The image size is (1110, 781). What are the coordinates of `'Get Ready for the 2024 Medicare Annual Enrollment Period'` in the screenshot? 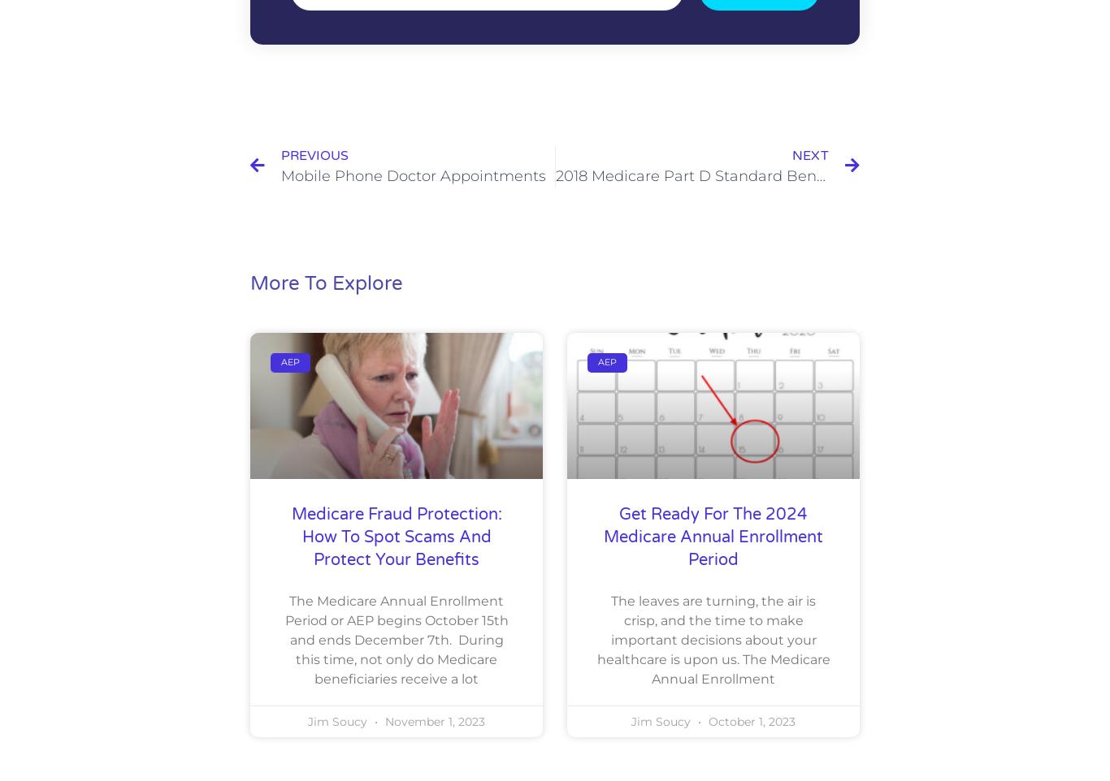 It's located at (713, 536).